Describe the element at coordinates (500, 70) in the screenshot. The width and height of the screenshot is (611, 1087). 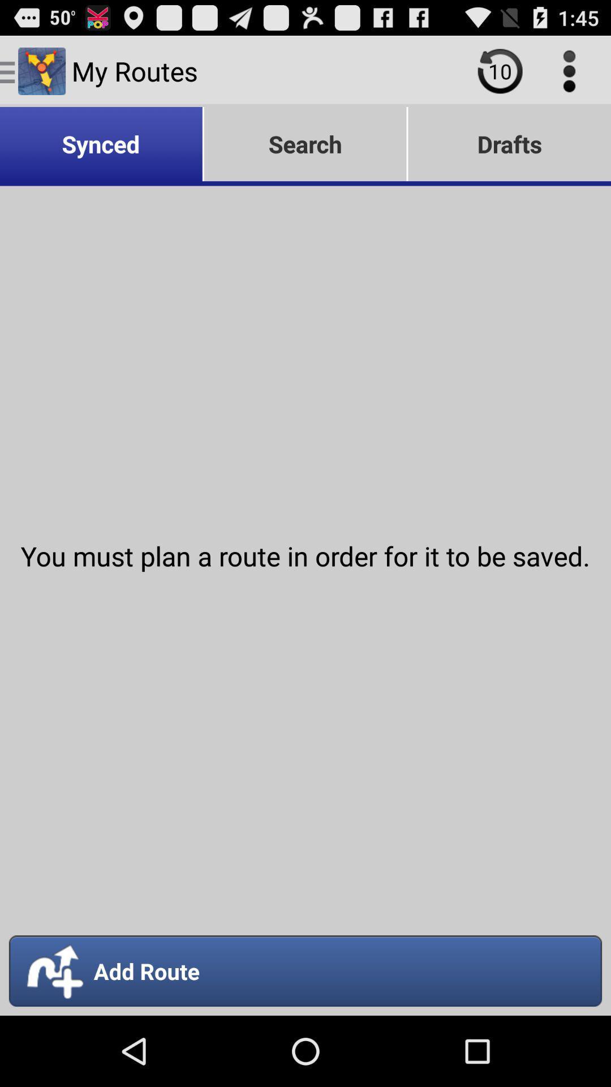
I see `app to the right of the my routes app` at that location.